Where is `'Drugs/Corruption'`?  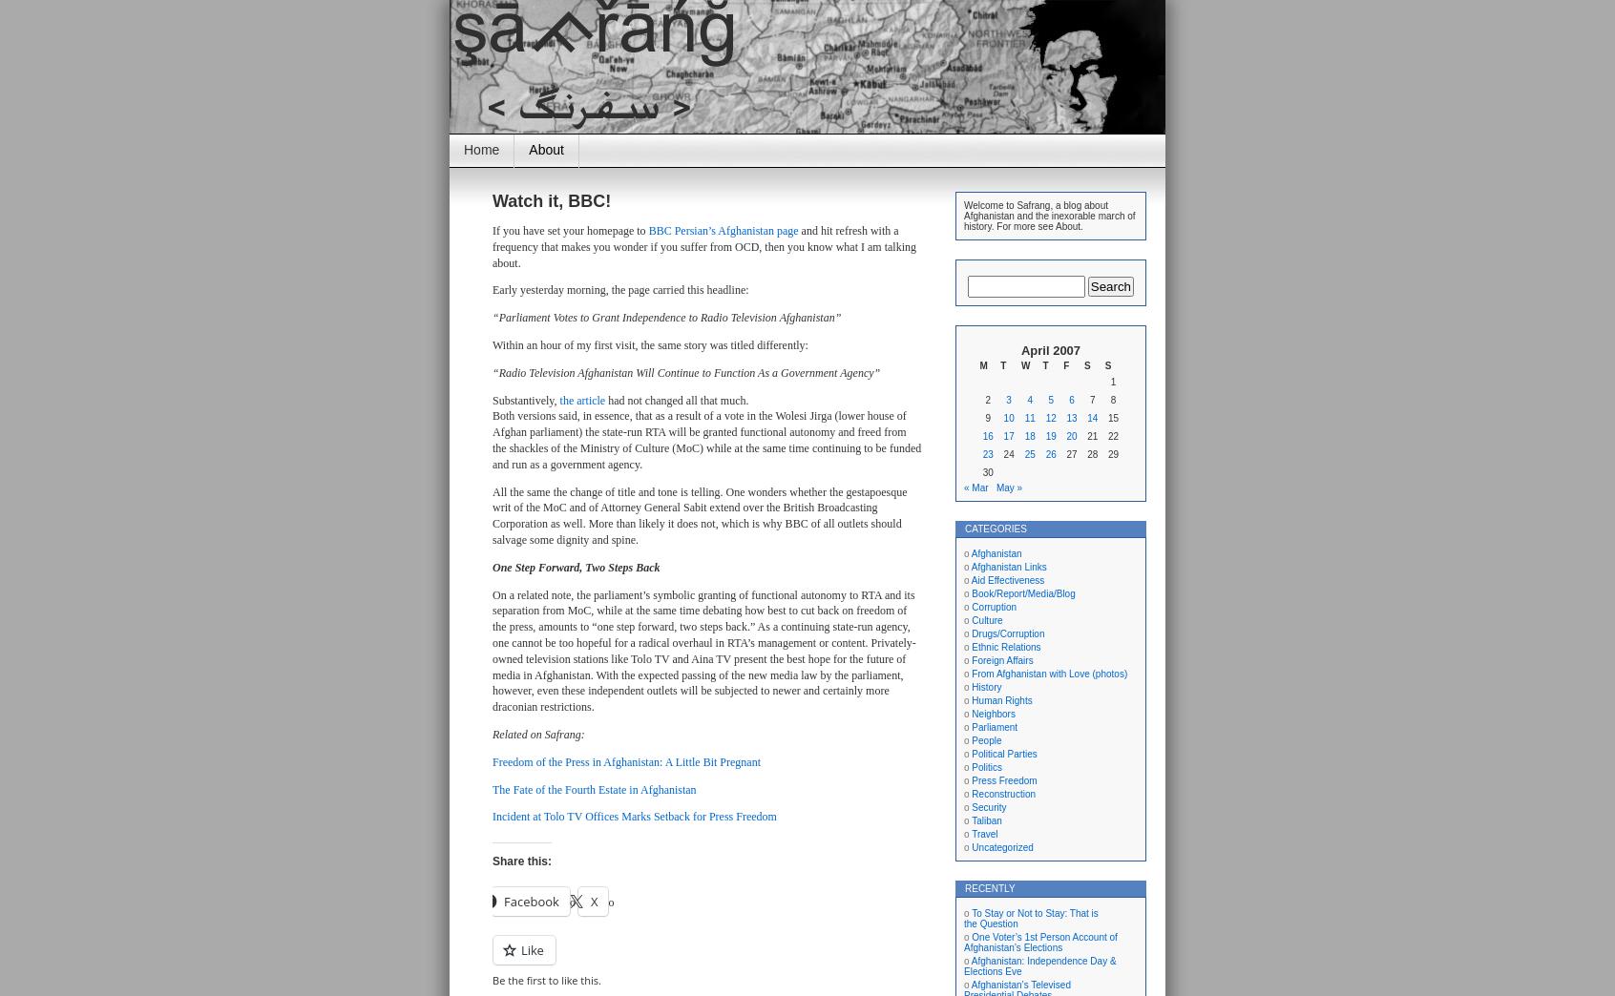 'Drugs/Corruption' is located at coordinates (1006, 633).